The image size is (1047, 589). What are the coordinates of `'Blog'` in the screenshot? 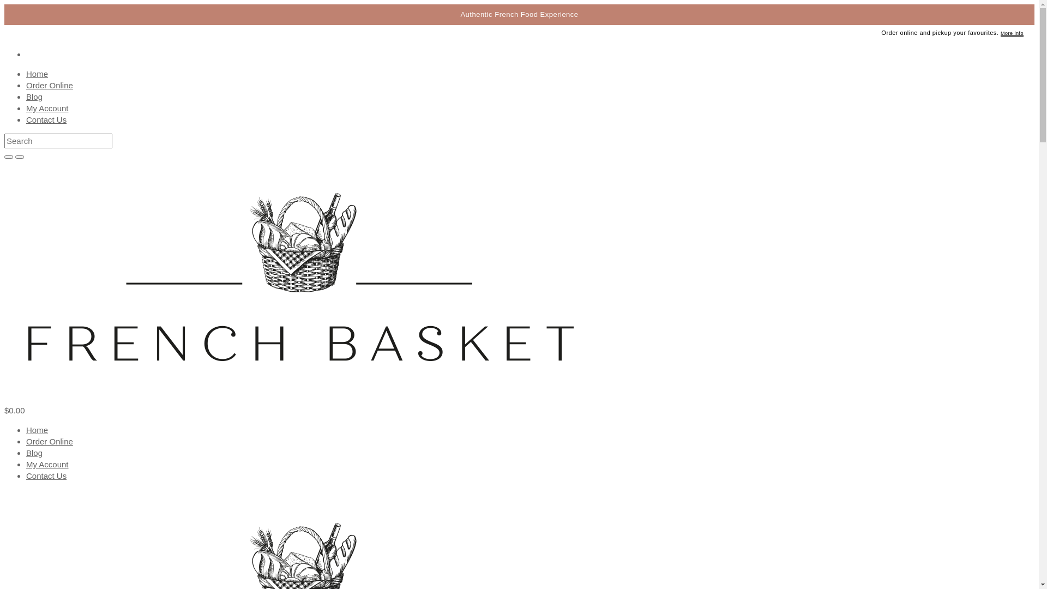 It's located at (34, 453).